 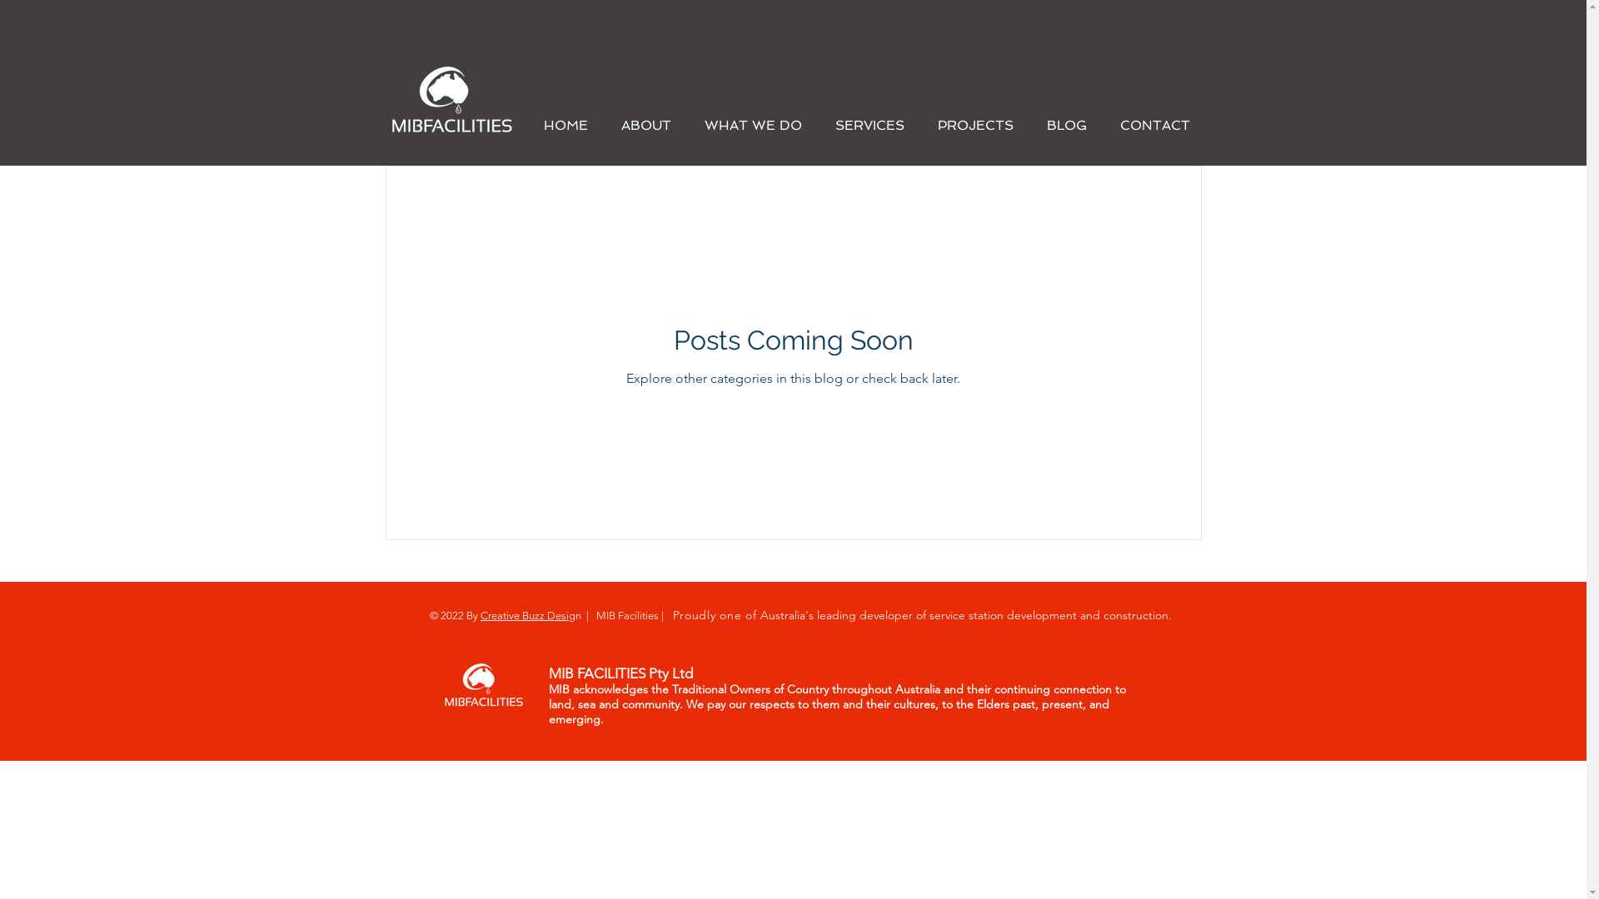 What do you see at coordinates (752, 124) in the screenshot?
I see `'WHAT WE DO'` at bounding box center [752, 124].